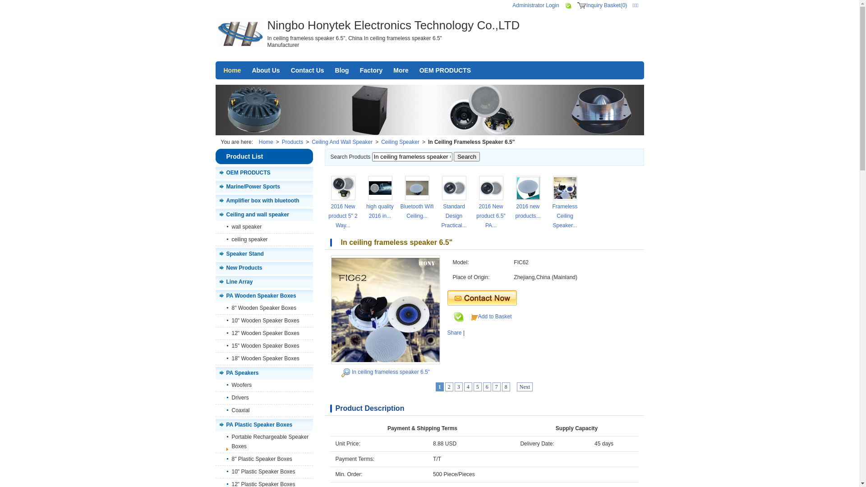  Describe the element at coordinates (263, 358) in the screenshot. I see `'18" Wooden Speaker Boxes'` at that location.